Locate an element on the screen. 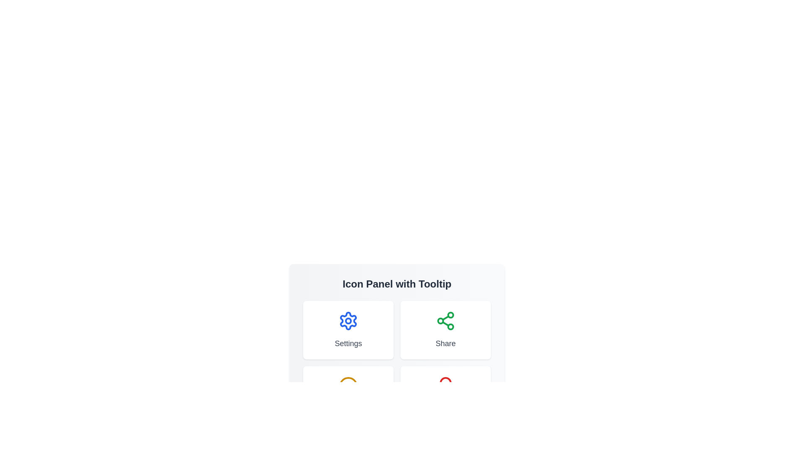 This screenshot has width=805, height=452. the blue gear icon button in the left-hand column of the four-option panel is located at coordinates (348, 321).